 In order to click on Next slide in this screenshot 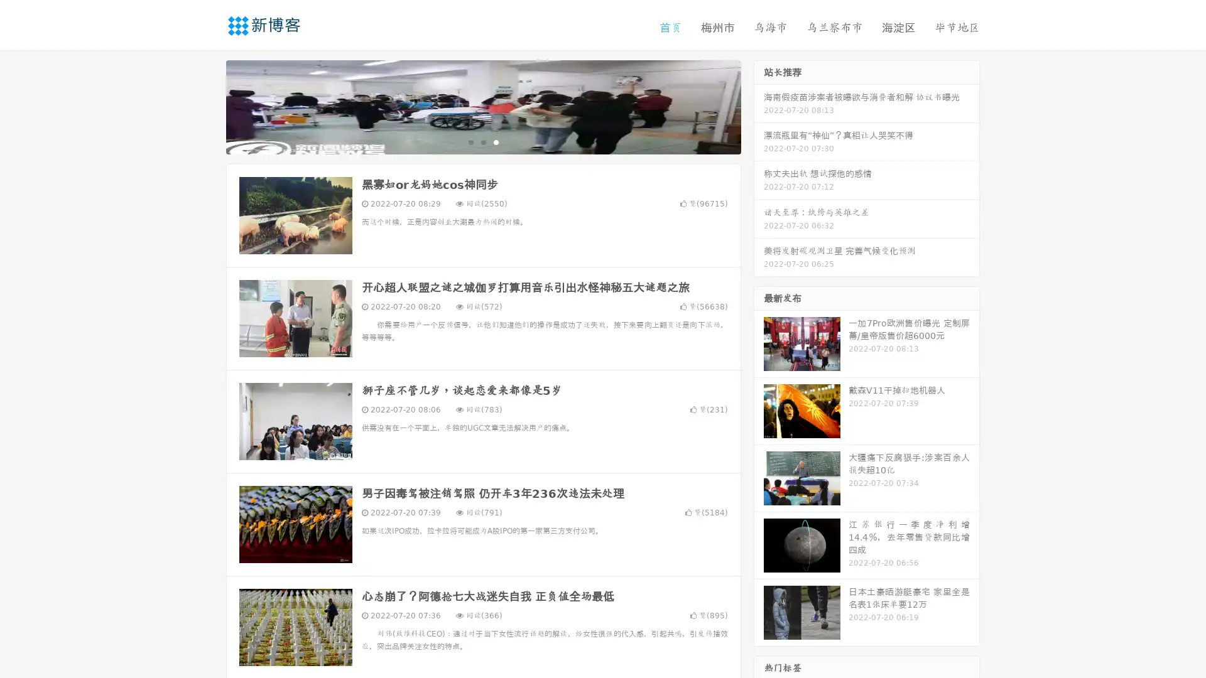, I will do `click(759, 105)`.